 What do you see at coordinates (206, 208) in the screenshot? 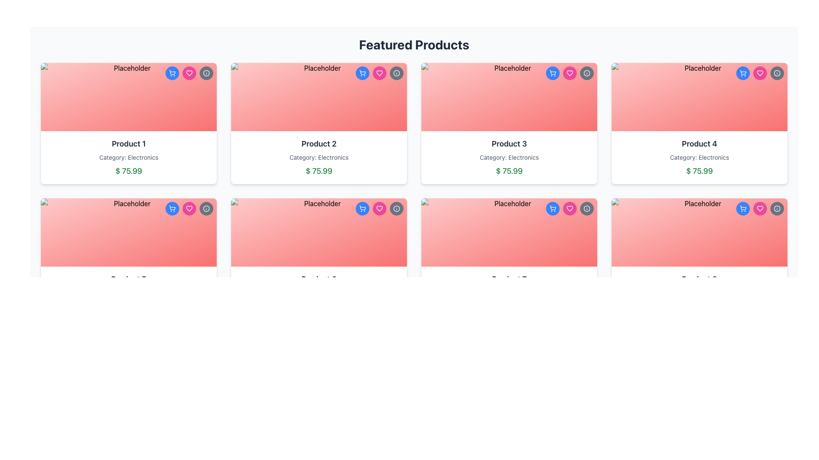
I see `the circular information icon located at the top-right corner of the first product card` at bounding box center [206, 208].